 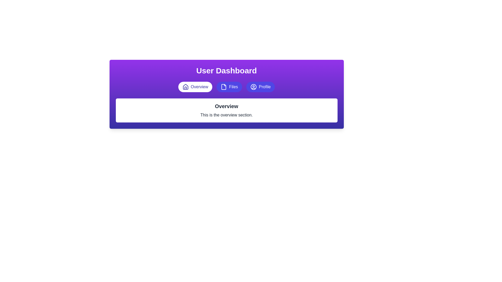 I want to click on the door icon within the house icon, which is part of the 'Overview' button in the header section of the interface, so click(x=185, y=88).